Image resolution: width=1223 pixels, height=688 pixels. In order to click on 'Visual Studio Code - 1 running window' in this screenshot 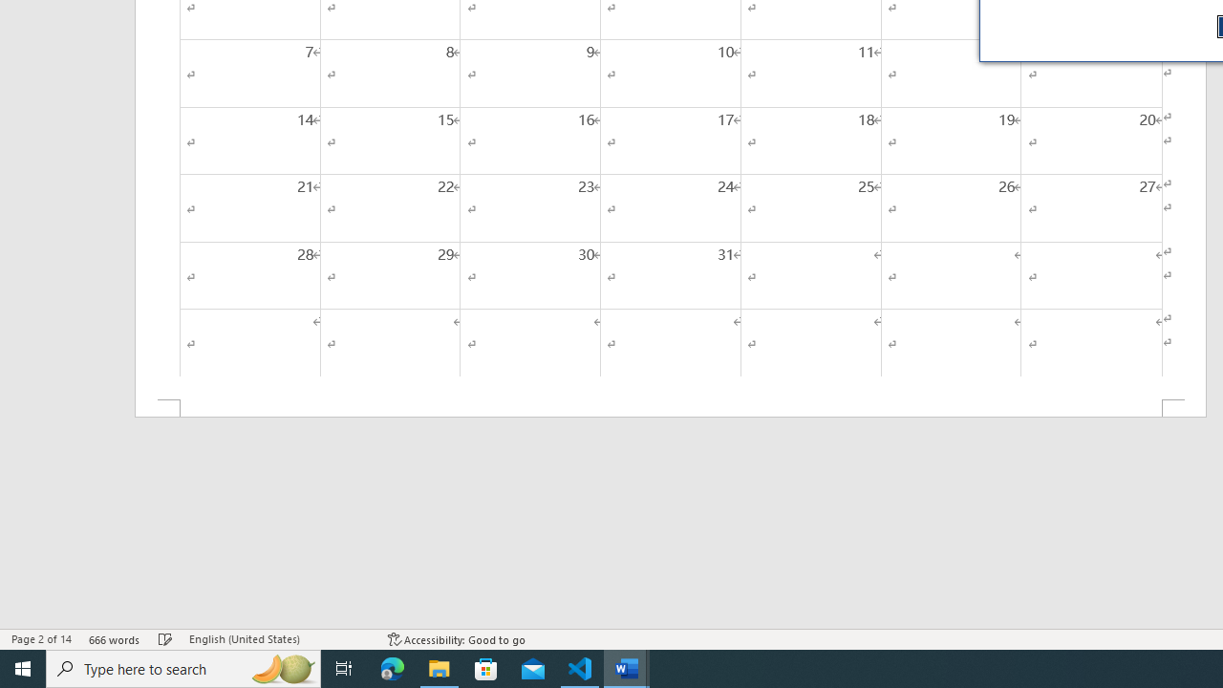, I will do `click(579, 667)`.